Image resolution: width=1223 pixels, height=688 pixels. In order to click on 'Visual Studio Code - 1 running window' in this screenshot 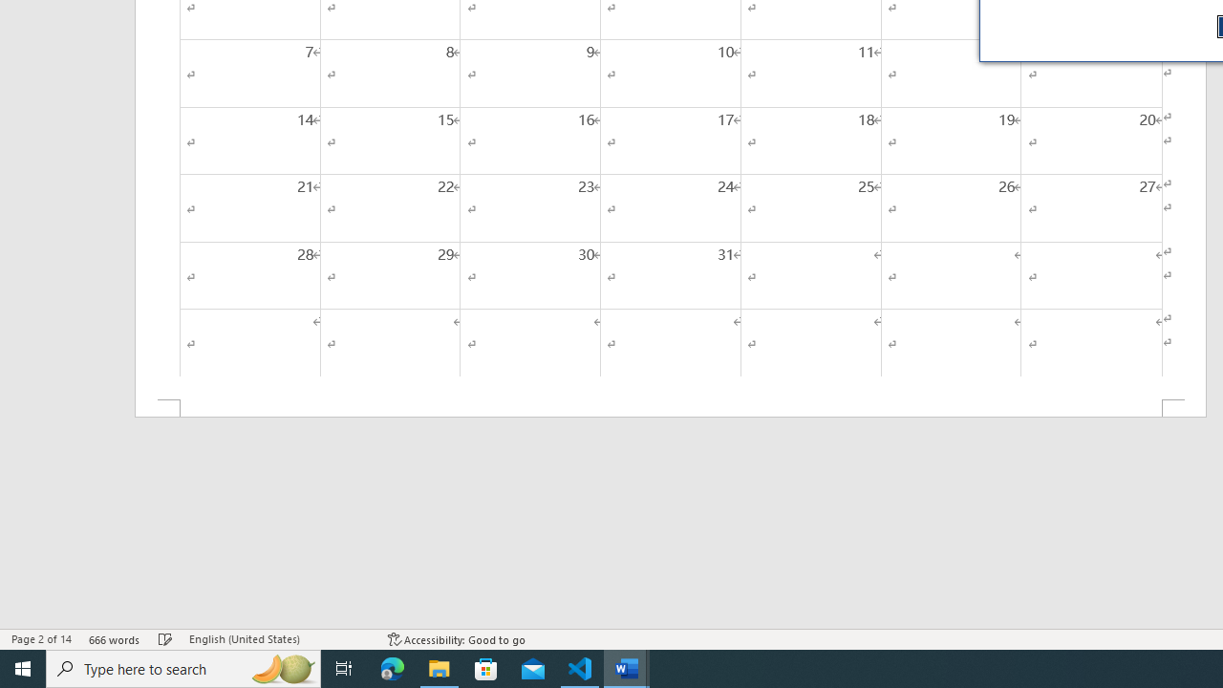, I will do `click(579, 667)`.